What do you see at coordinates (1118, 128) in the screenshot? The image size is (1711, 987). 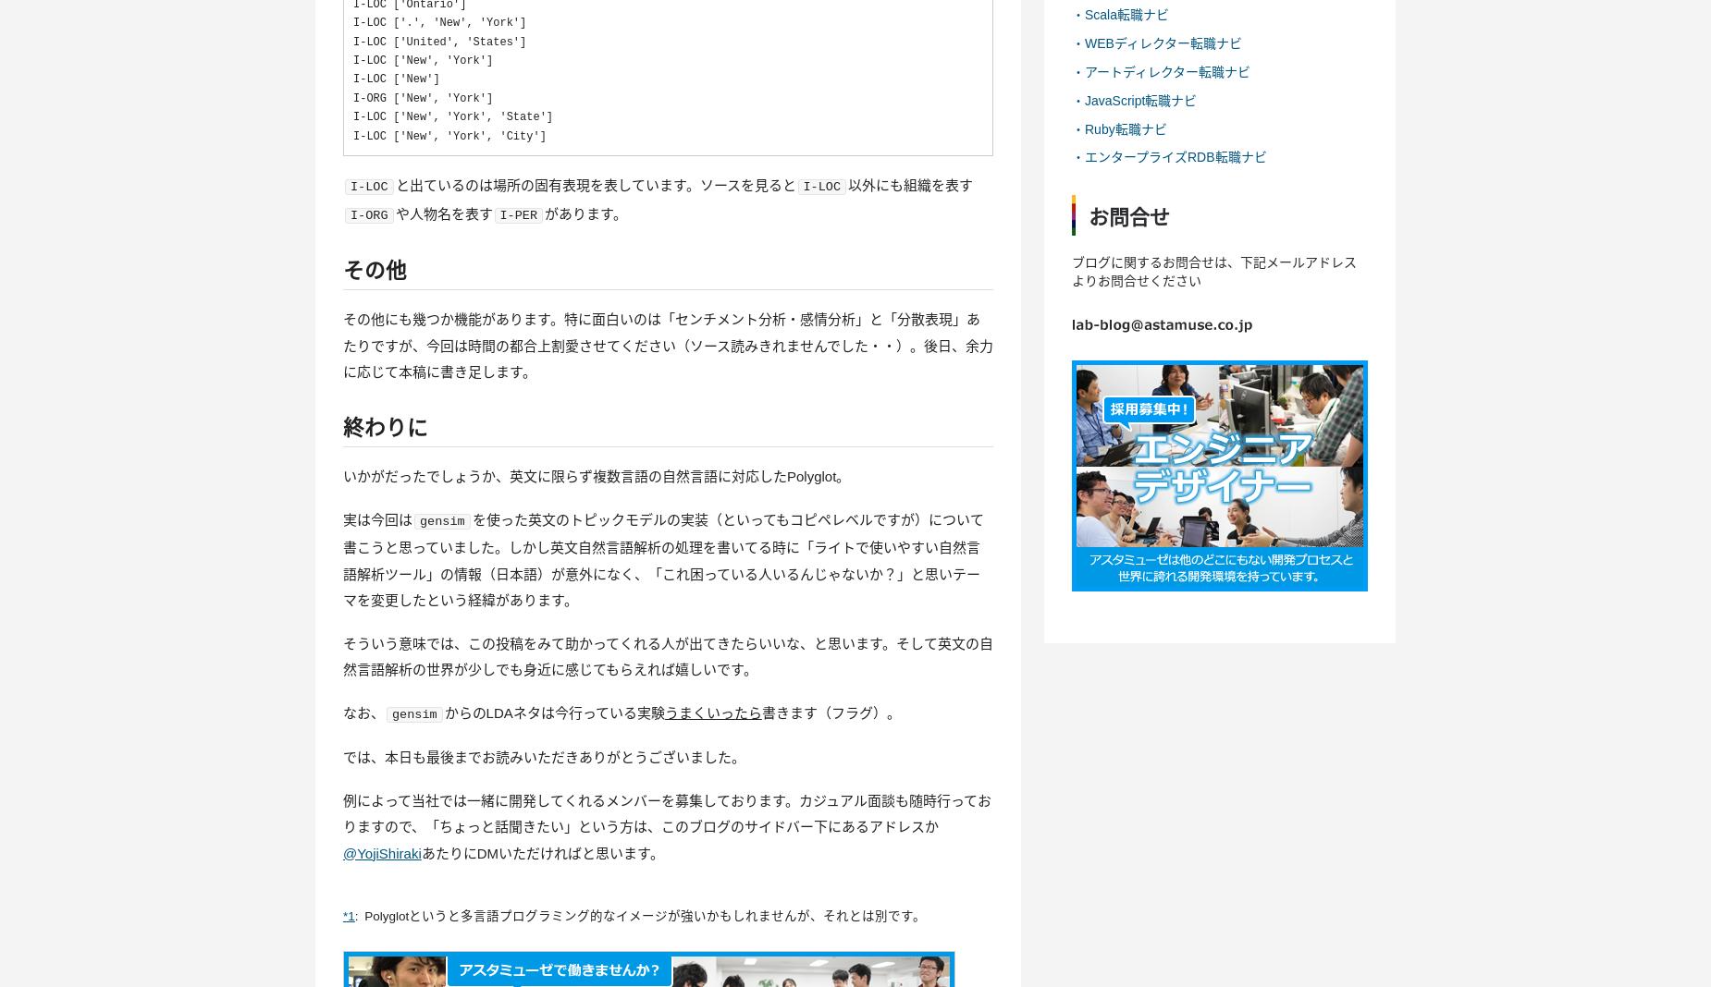 I see `'・Ruby転職ナビ'` at bounding box center [1118, 128].